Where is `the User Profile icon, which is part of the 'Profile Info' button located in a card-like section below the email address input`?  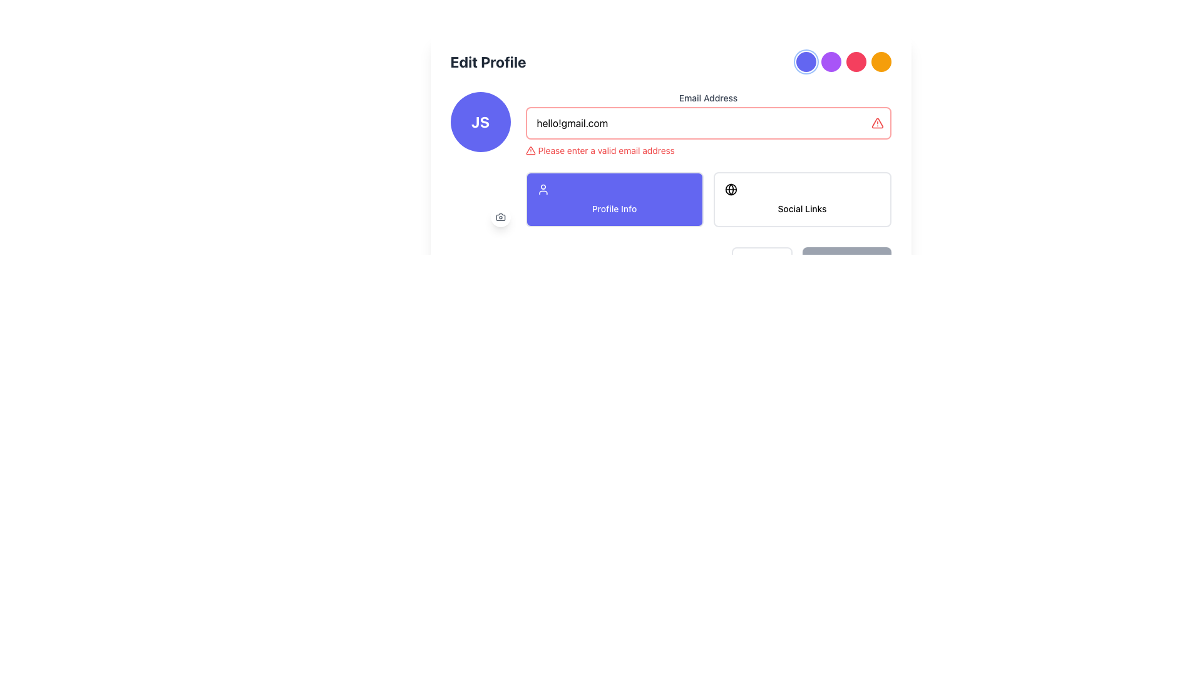 the User Profile icon, which is part of the 'Profile Info' button located in a card-like section below the email address input is located at coordinates (543, 190).